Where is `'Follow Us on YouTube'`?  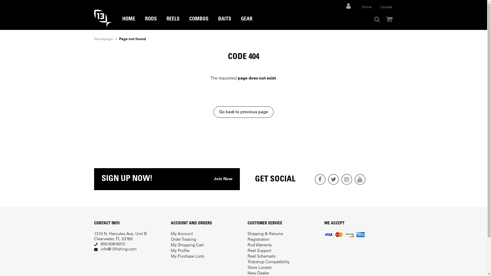 'Follow Us on YouTube' is located at coordinates (354, 179).